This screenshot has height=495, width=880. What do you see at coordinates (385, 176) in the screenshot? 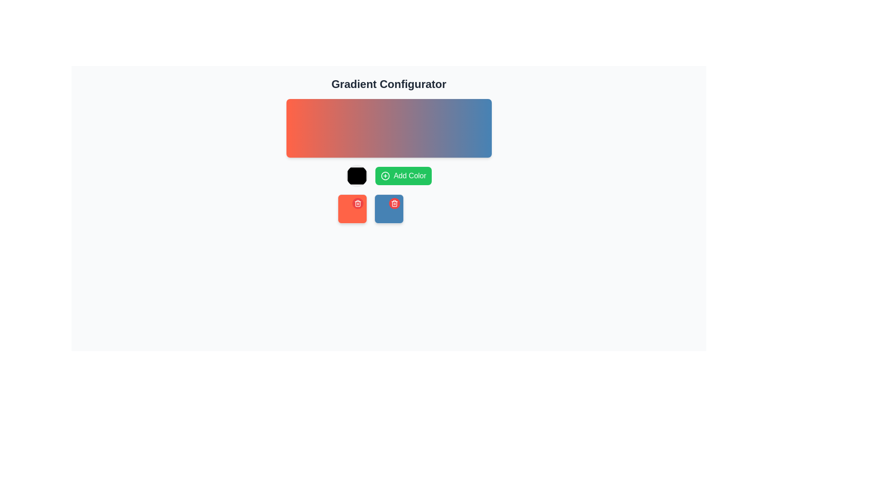
I see `the small circular icon with a green outline and a '+' symbol, located inside the 'Add Color' button` at bounding box center [385, 176].